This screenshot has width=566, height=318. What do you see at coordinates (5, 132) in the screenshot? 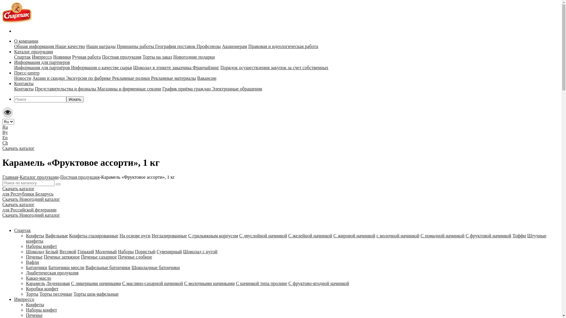
I see `'By'` at bounding box center [5, 132].